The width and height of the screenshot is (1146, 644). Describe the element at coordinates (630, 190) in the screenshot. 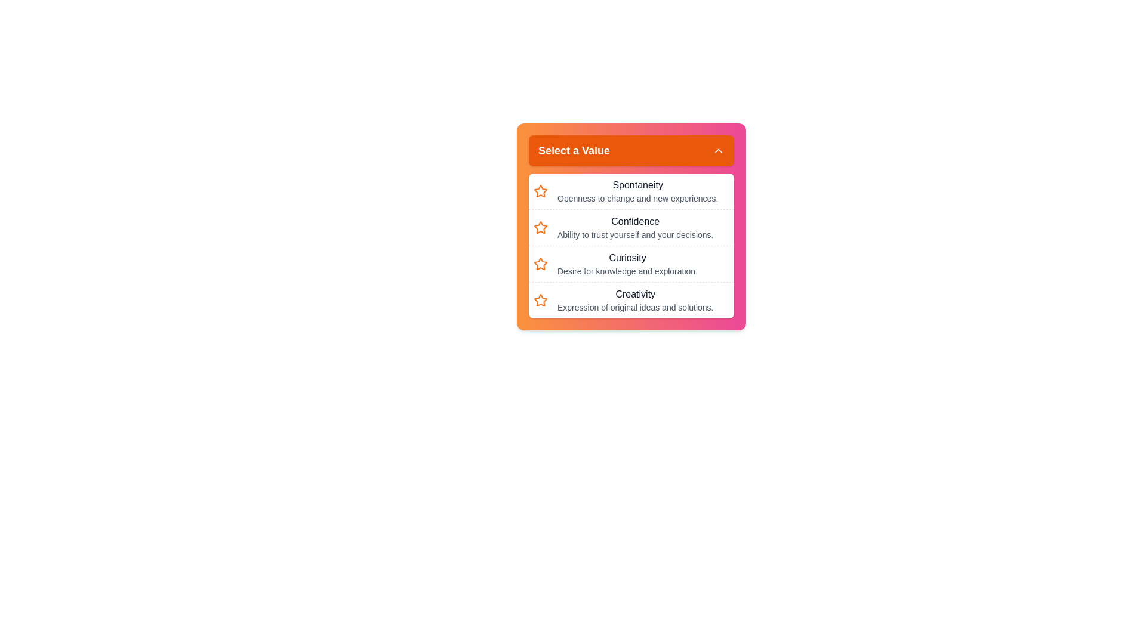

I see `the first List Item element, which contains an orange star icon on the left and two lines of text` at that location.